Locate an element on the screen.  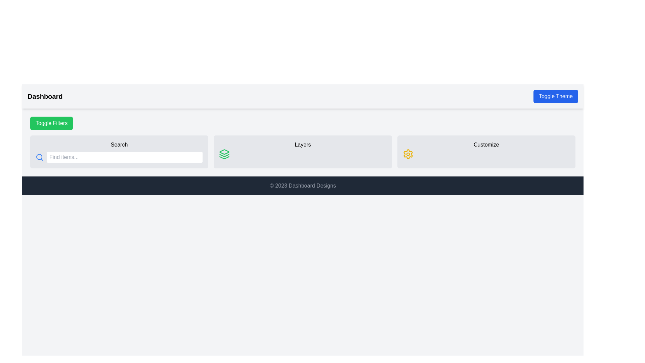
the static informational text displaying copyright information at the bottom of the dashboard interface is located at coordinates (302, 186).